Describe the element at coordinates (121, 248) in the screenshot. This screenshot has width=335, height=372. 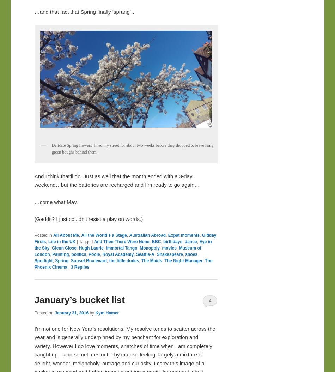
I see `'Immortal Tango'` at that location.